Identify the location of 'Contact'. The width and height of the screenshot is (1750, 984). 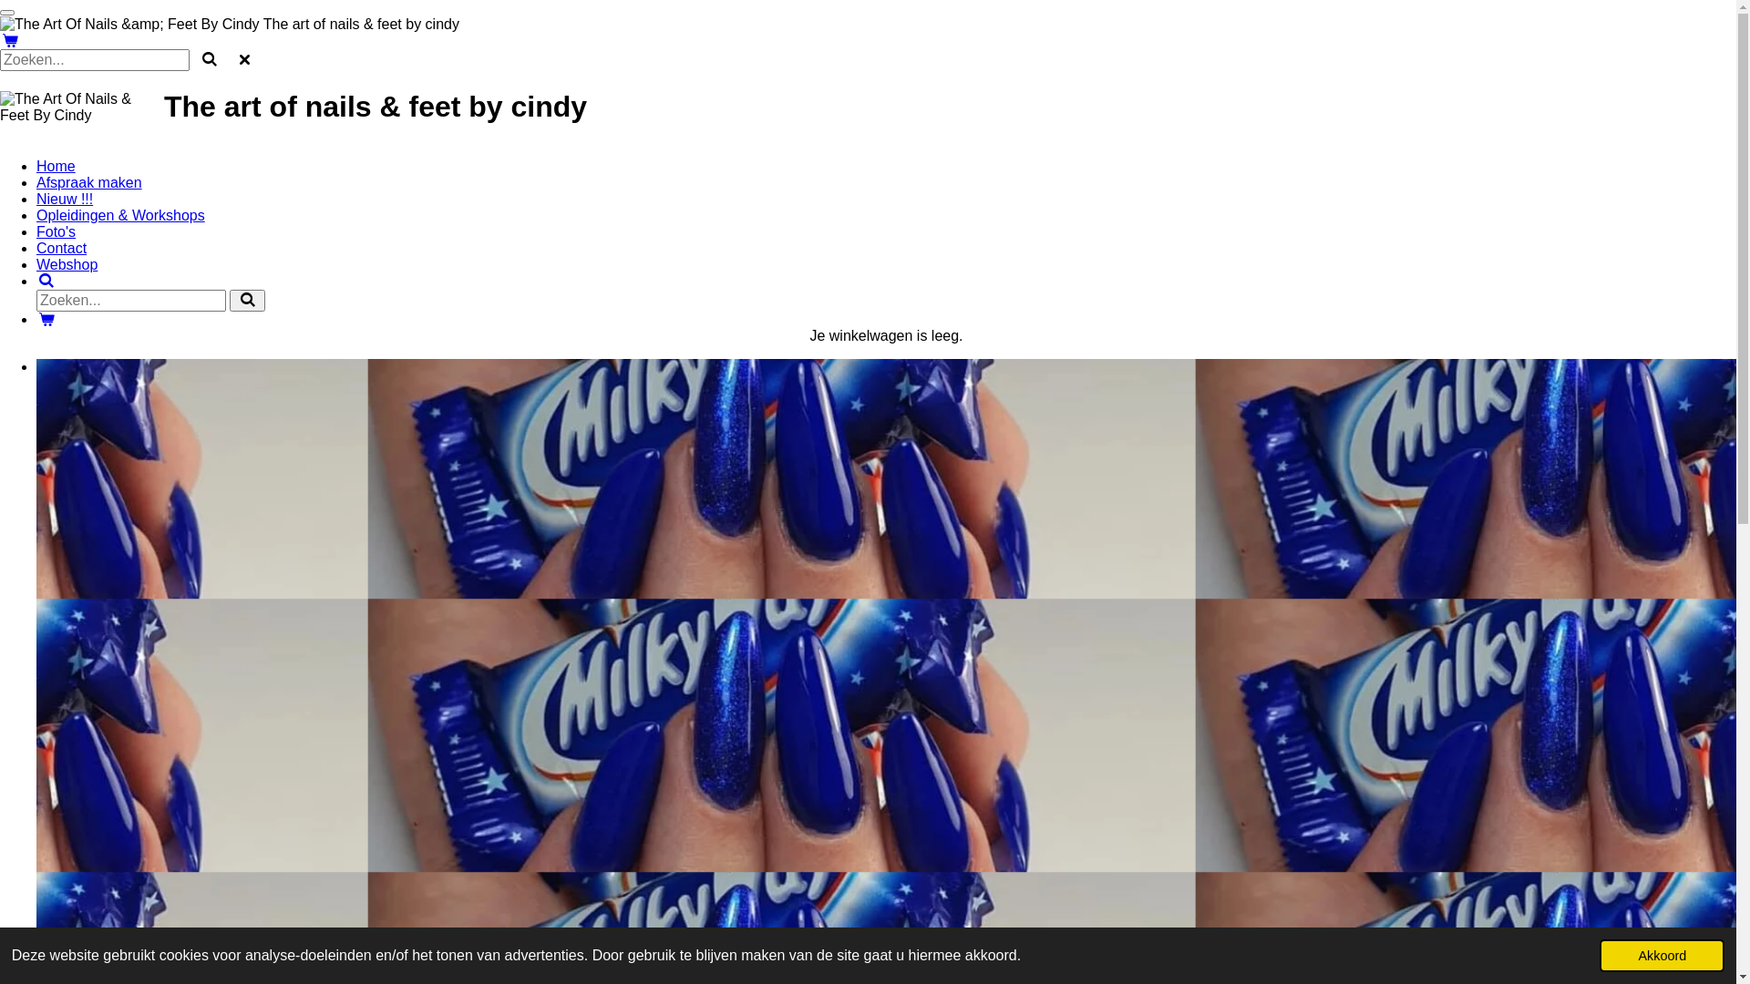
(36, 248).